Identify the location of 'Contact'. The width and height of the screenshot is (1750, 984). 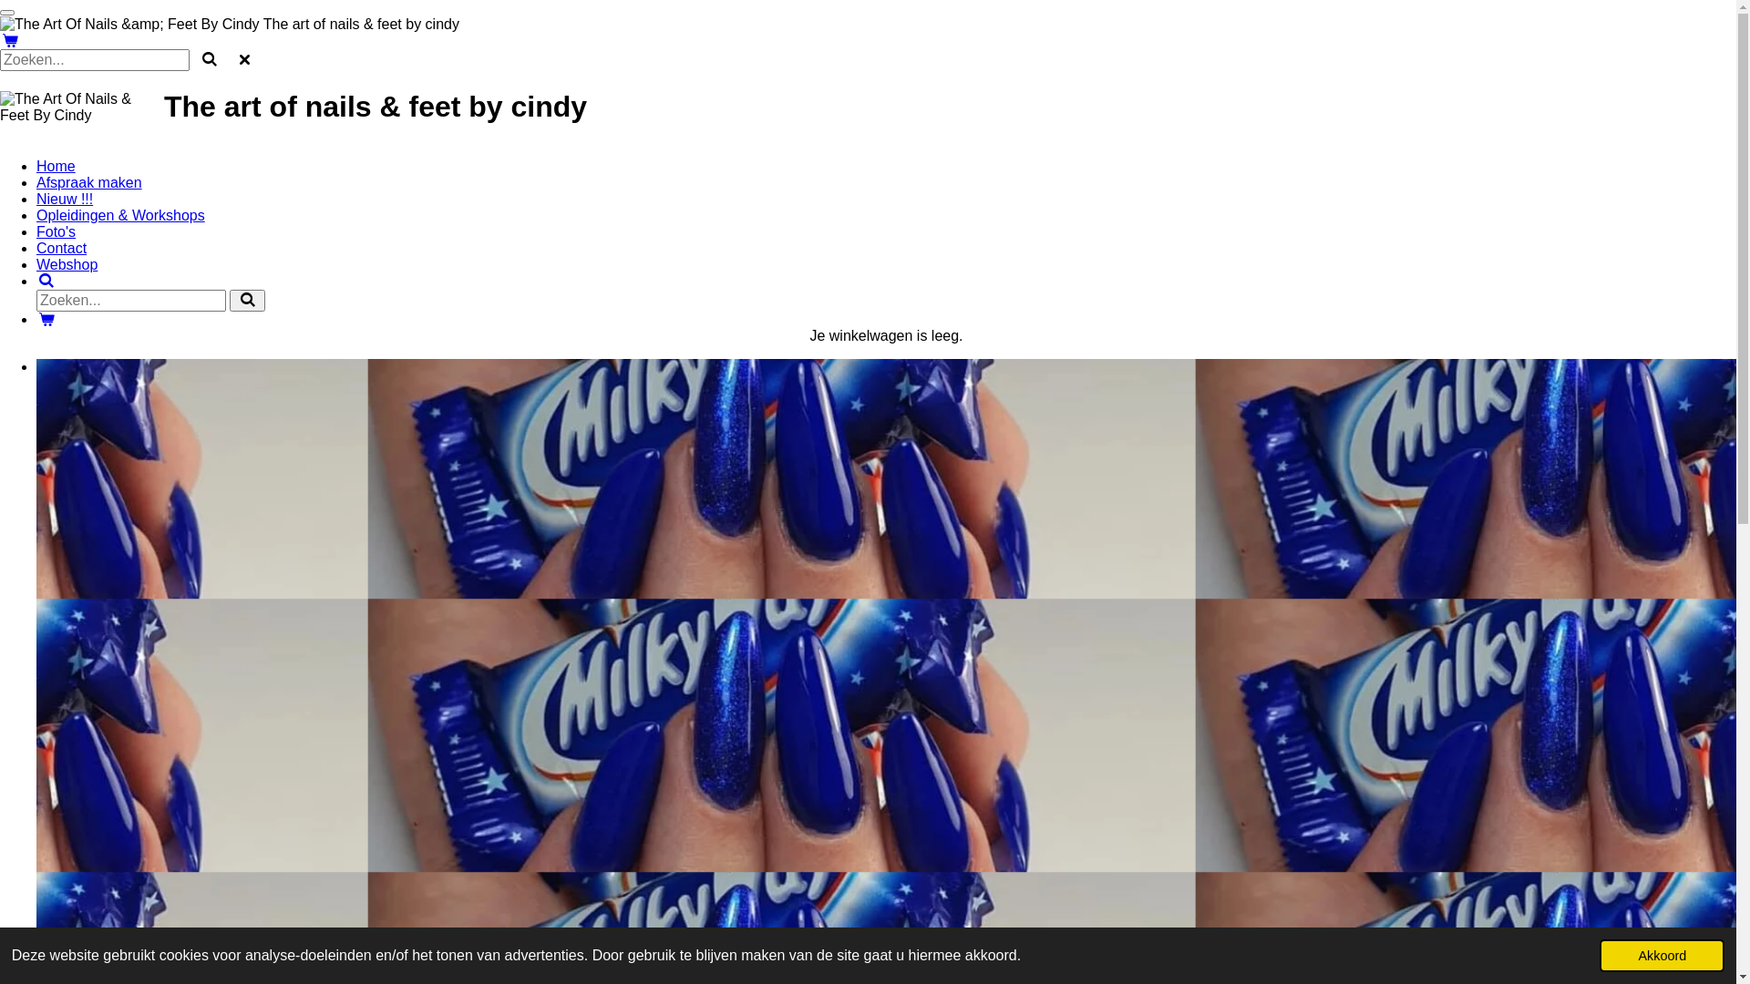
(36, 248).